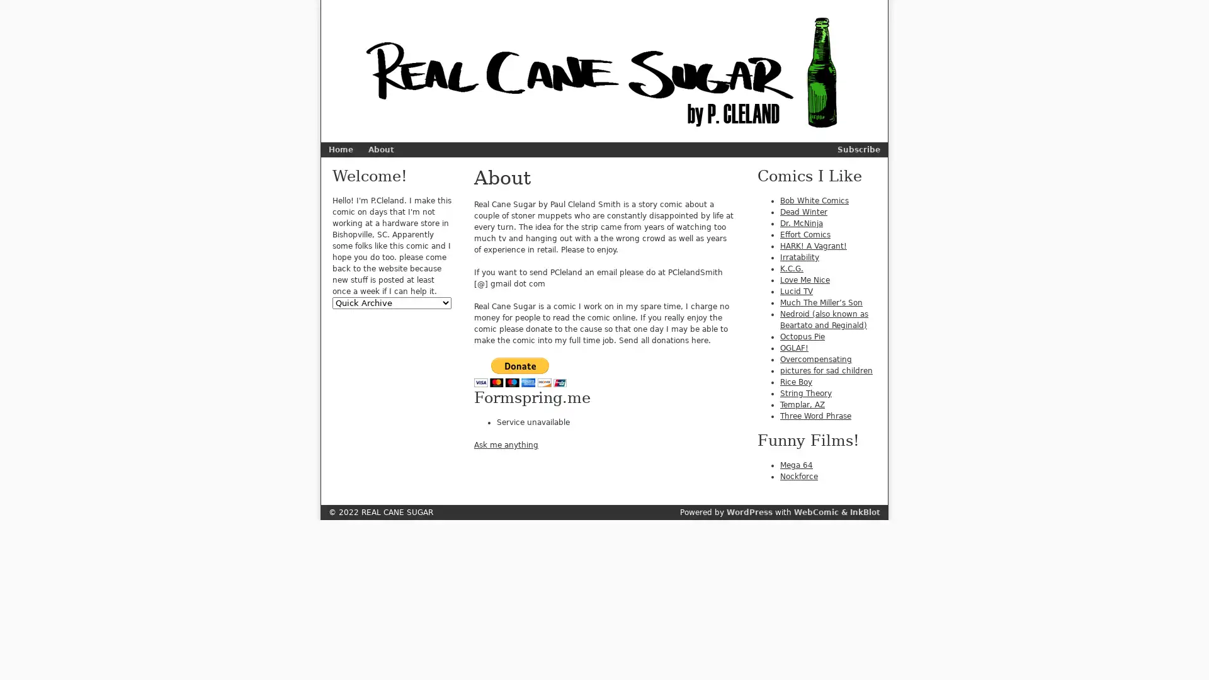 The height and width of the screenshot is (680, 1209). What do you see at coordinates (520, 371) in the screenshot?
I see `PayPal - The safer, easier way to pay online!` at bounding box center [520, 371].